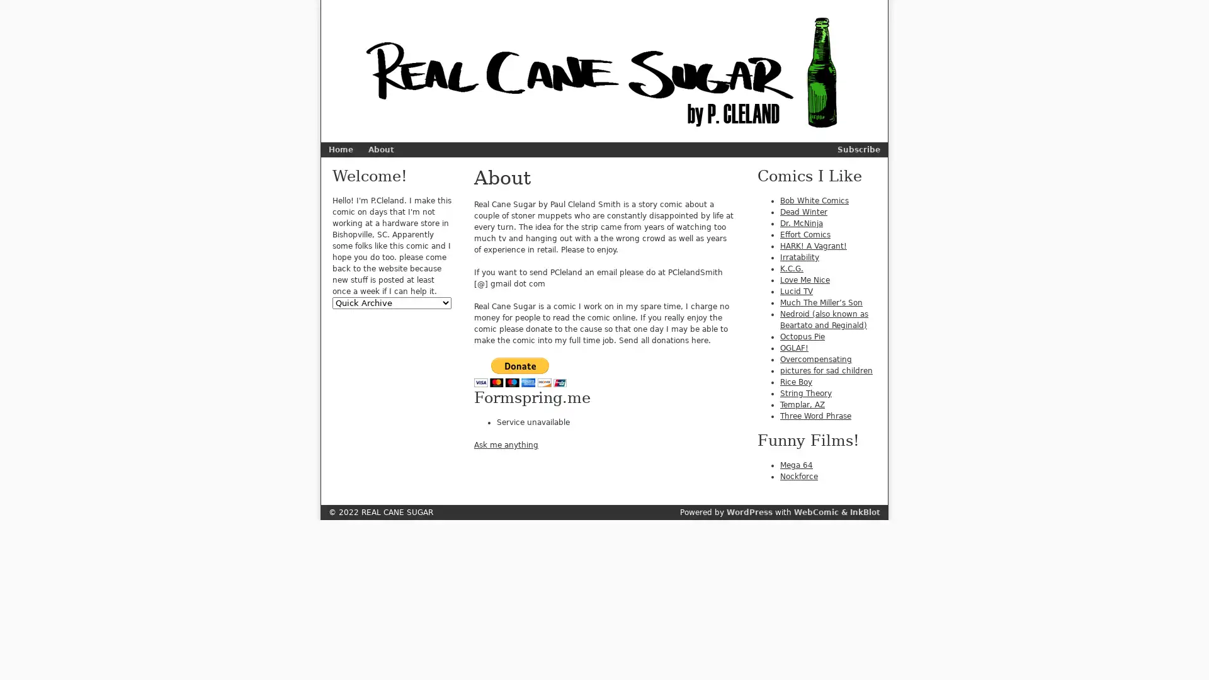 The height and width of the screenshot is (680, 1209). What do you see at coordinates (520, 371) in the screenshot?
I see `PayPal - The safer, easier way to pay online!` at bounding box center [520, 371].